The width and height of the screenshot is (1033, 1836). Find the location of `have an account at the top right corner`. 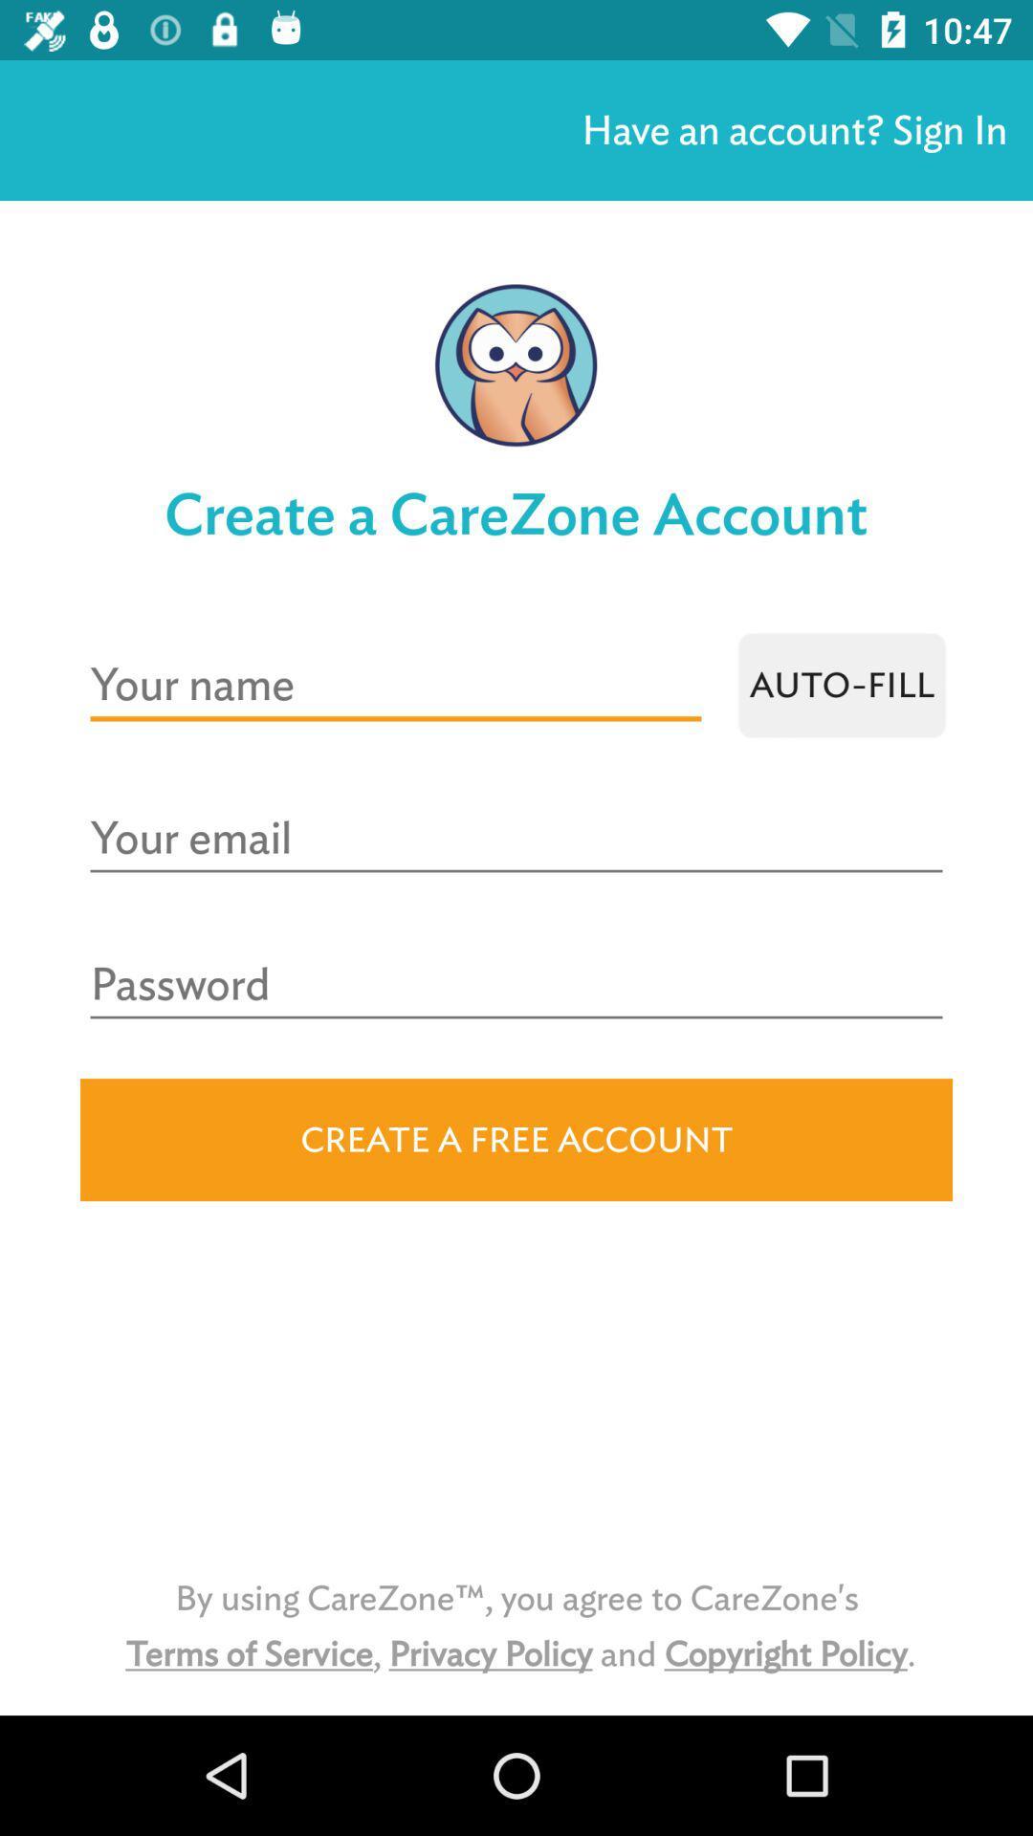

have an account at the top right corner is located at coordinates (794, 129).